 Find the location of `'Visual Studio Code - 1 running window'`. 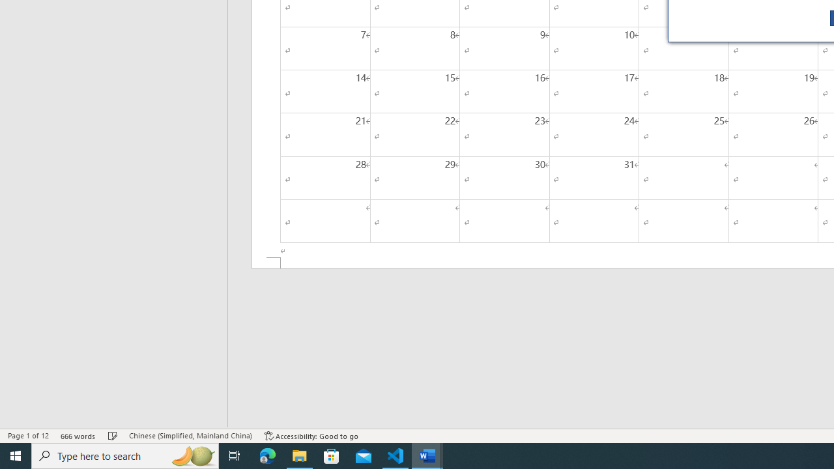

'Visual Studio Code - 1 running window' is located at coordinates (395, 455).